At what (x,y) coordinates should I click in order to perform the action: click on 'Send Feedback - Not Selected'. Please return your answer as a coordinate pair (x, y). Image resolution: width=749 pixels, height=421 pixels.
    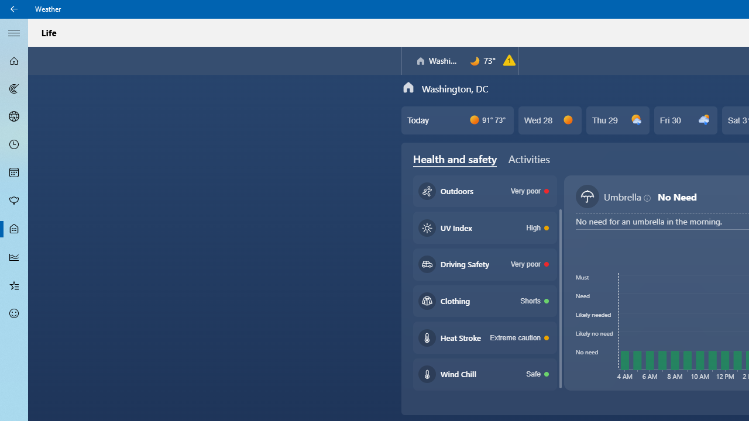
    Looking at the image, I should click on (14, 313).